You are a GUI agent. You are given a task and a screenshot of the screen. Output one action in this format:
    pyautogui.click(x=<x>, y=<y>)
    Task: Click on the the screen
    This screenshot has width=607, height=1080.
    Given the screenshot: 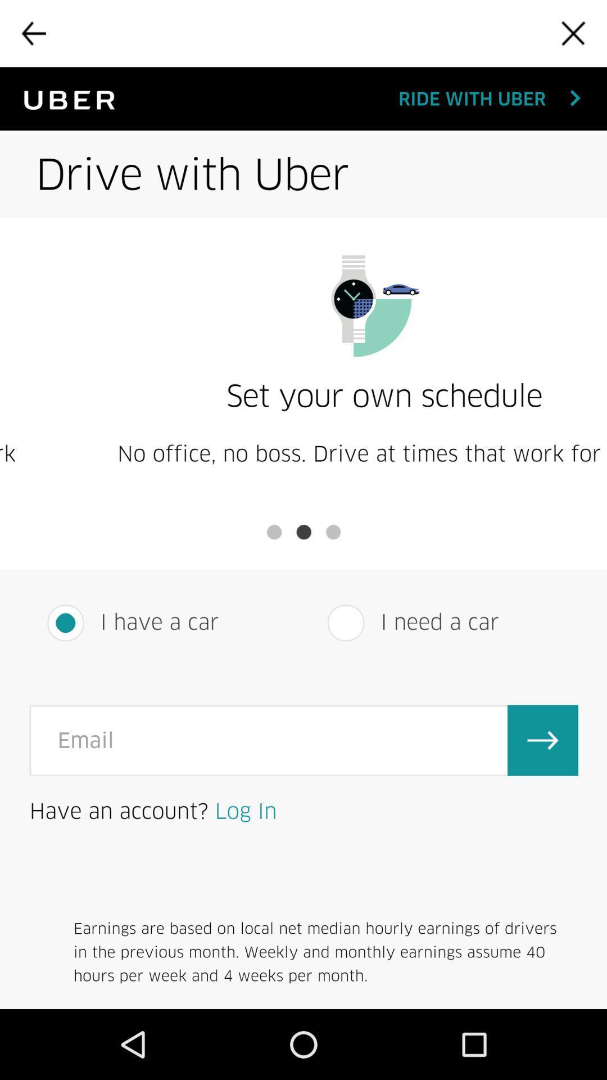 What is the action you would take?
    pyautogui.click(x=573, y=33)
    